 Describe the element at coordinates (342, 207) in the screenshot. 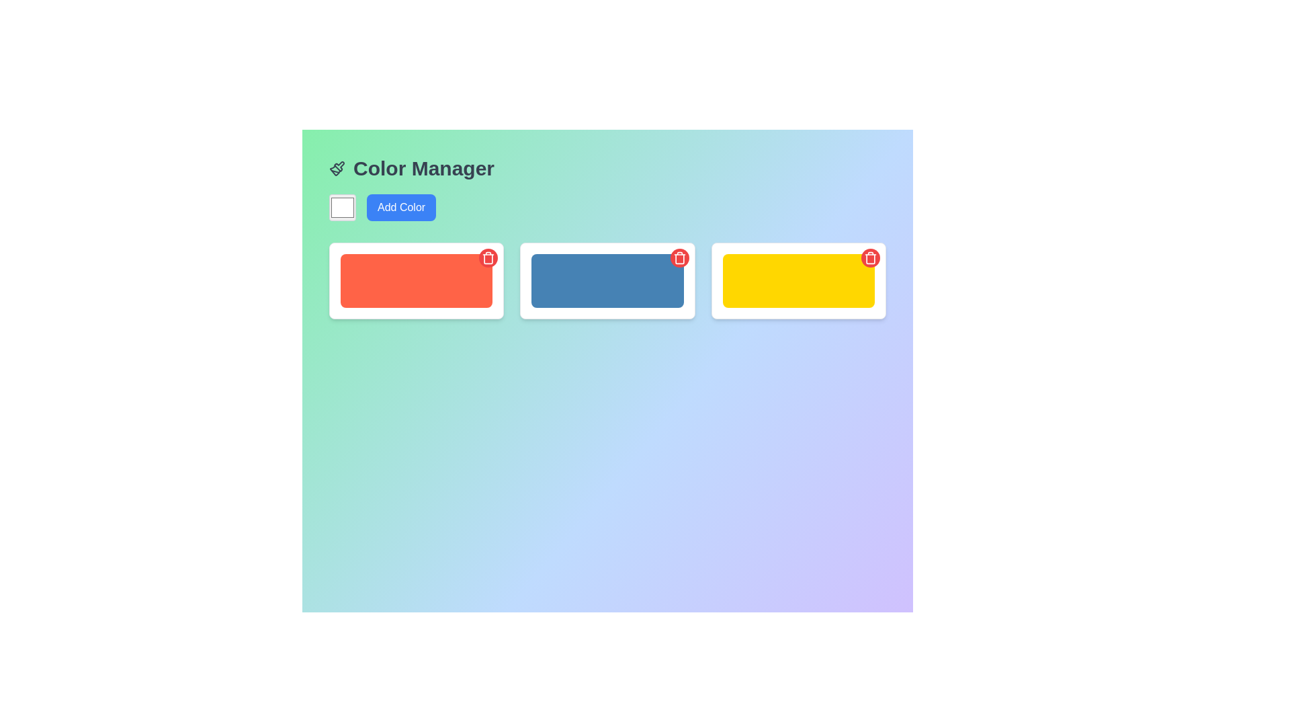

I see `the square-shaped color picker with a white fill and gray border` at that location.